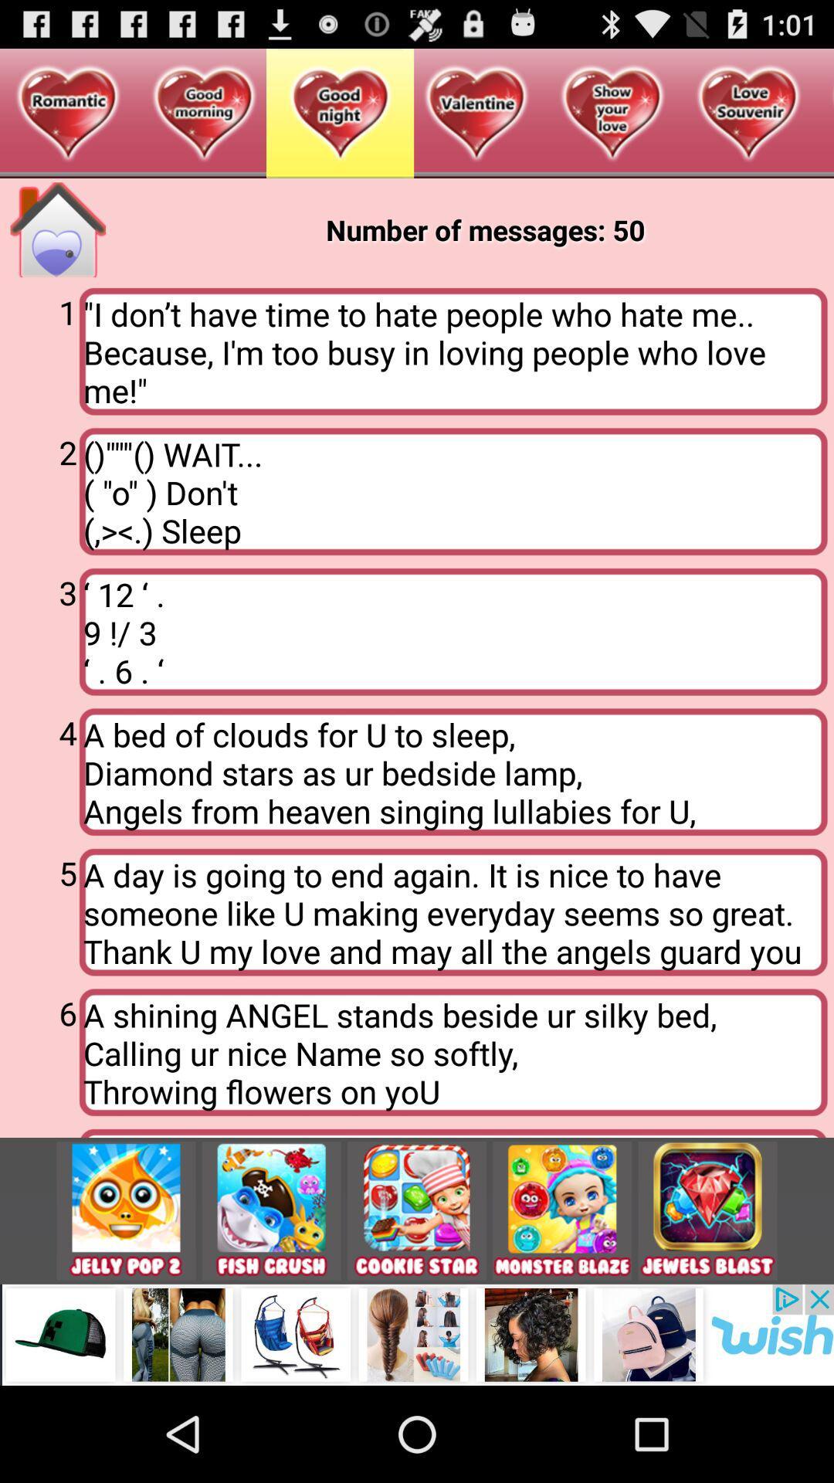 This screenshot has width=834, height=1483. What do you see at coordinates (562, 1296) in the screenshot?
I see `the avatar icon` at bounding box center [562, 1296].